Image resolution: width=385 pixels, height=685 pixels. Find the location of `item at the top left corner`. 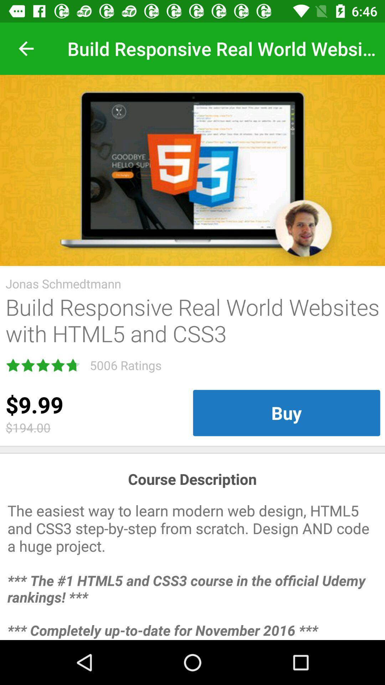

item at the top left corner is located at coordinates (26, 48).